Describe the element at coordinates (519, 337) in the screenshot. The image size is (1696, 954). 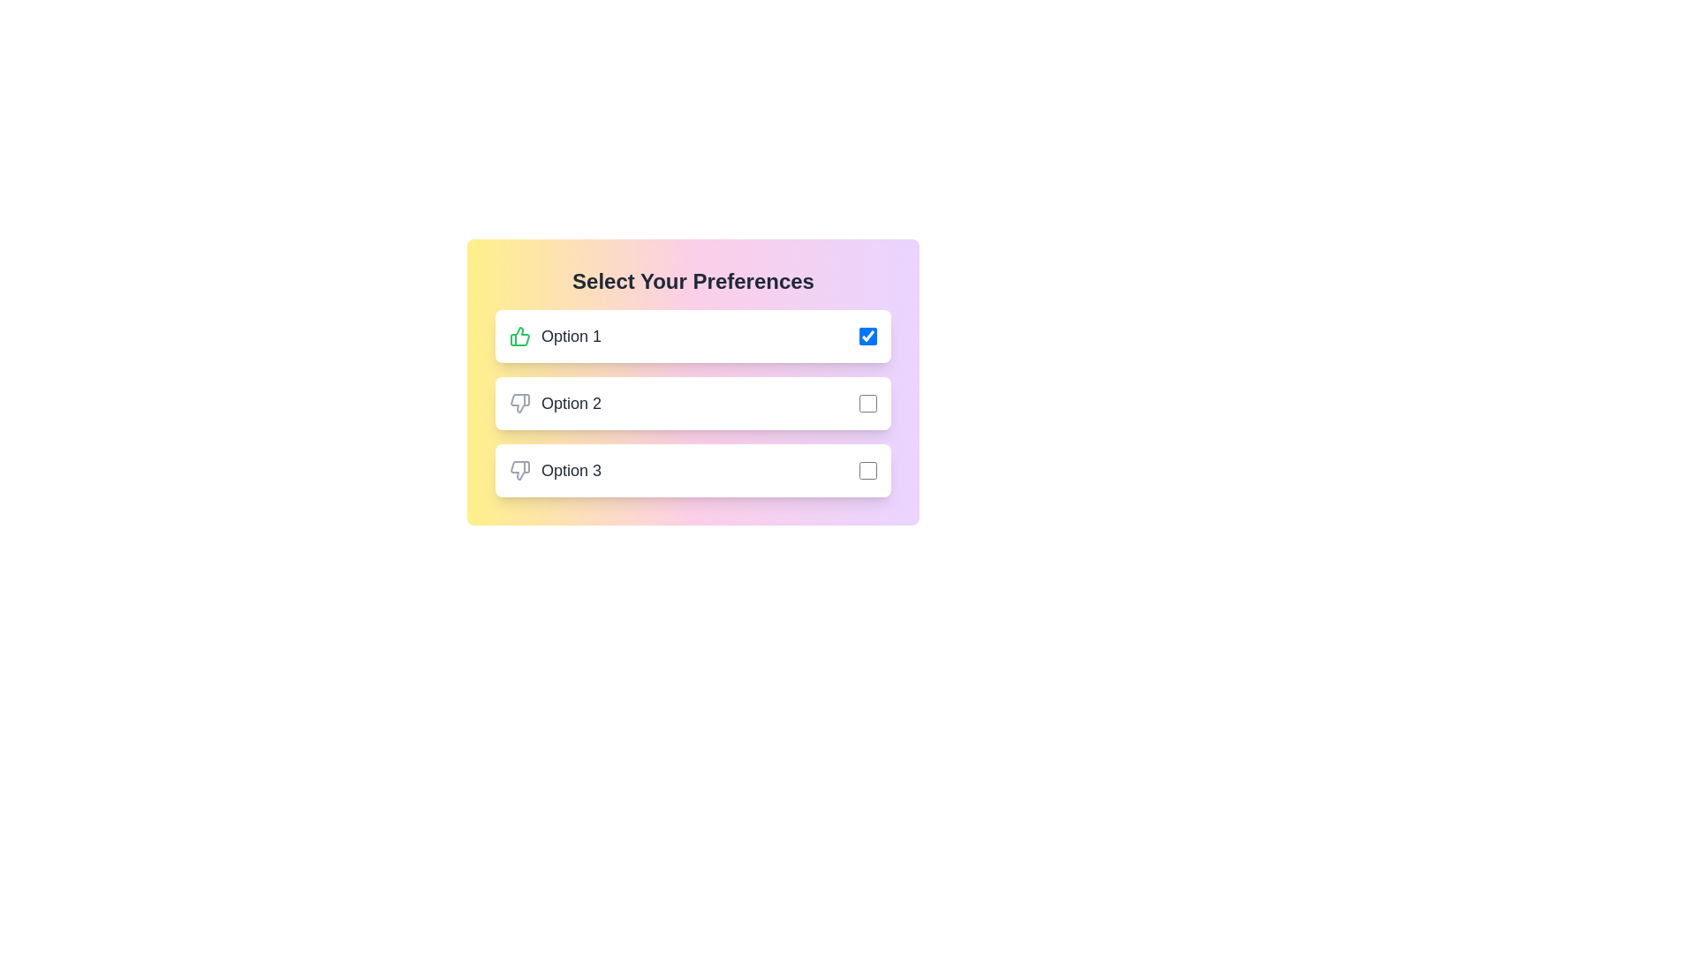
I see `the thumbs-up SVG icon representing a 'like' or 'approve' action, positioned to the left of the text 'Option 1' in a rounded rectangular white button` at that location.